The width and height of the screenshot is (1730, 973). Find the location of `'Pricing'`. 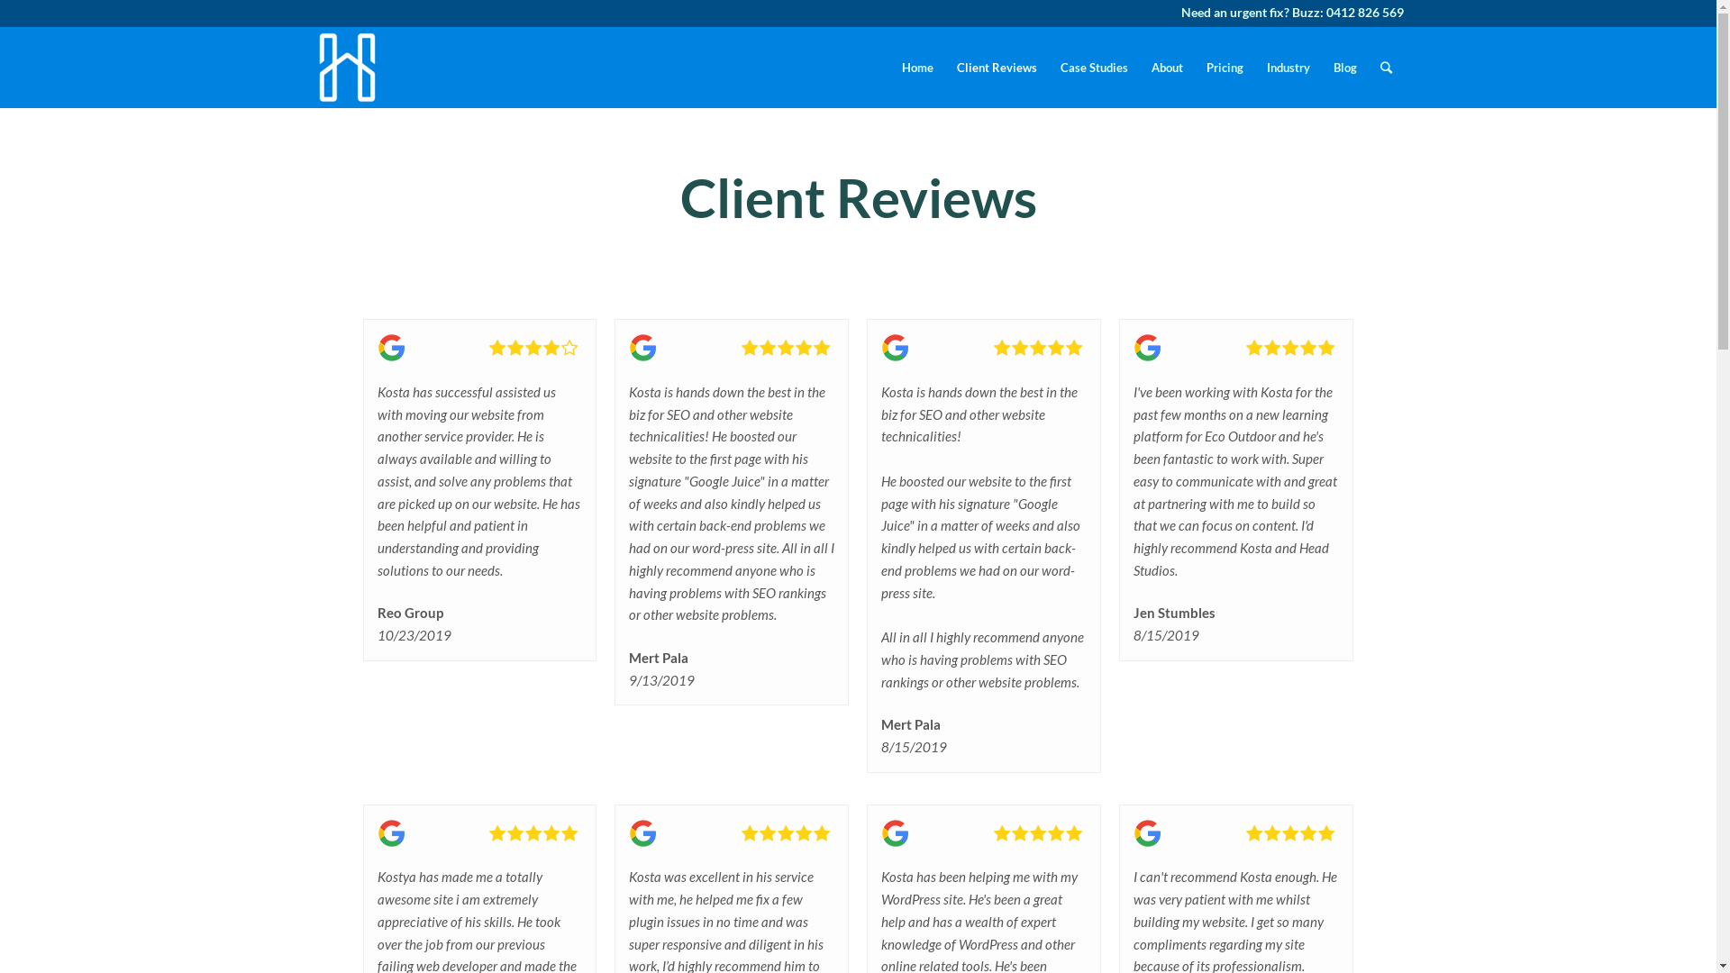

'Pricing' is located at coordinates (1225, 66).